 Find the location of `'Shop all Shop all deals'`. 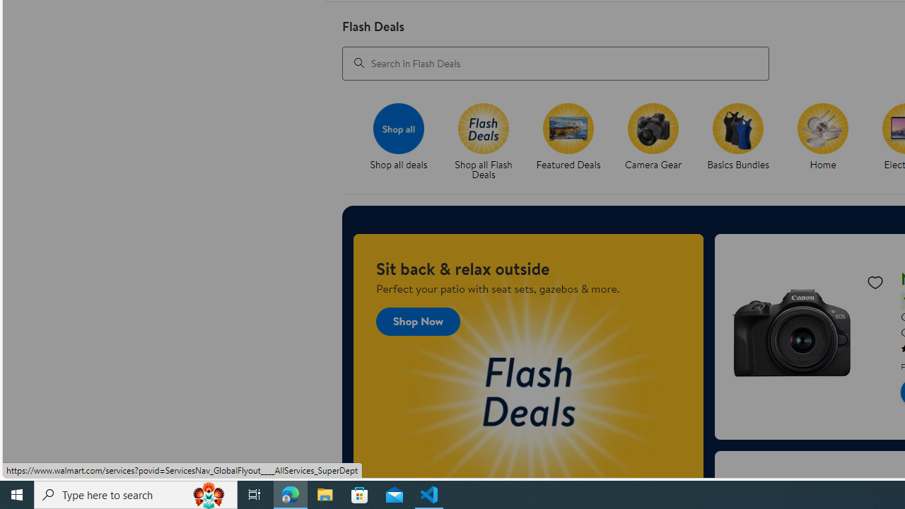

'Shop all Shop all deals' is located at coordinates (397, 137).